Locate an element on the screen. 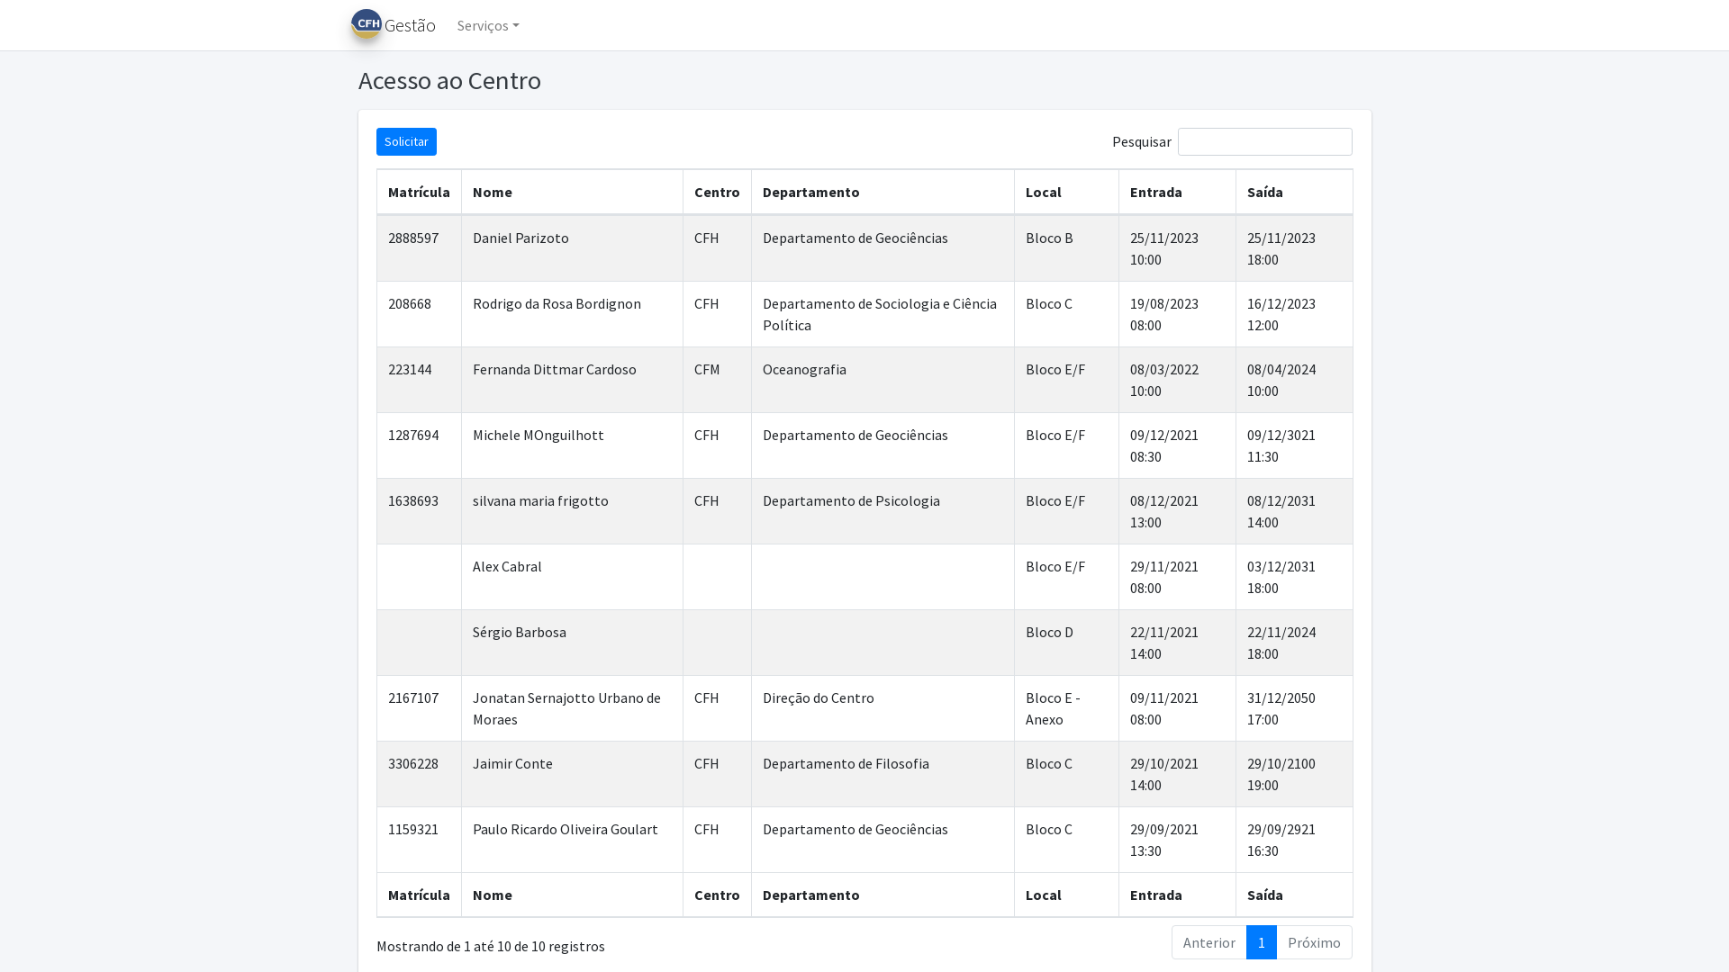 The height and width of the screenshot is (972, 1729). 'Solicitar' is located at coordinates (405, 140).